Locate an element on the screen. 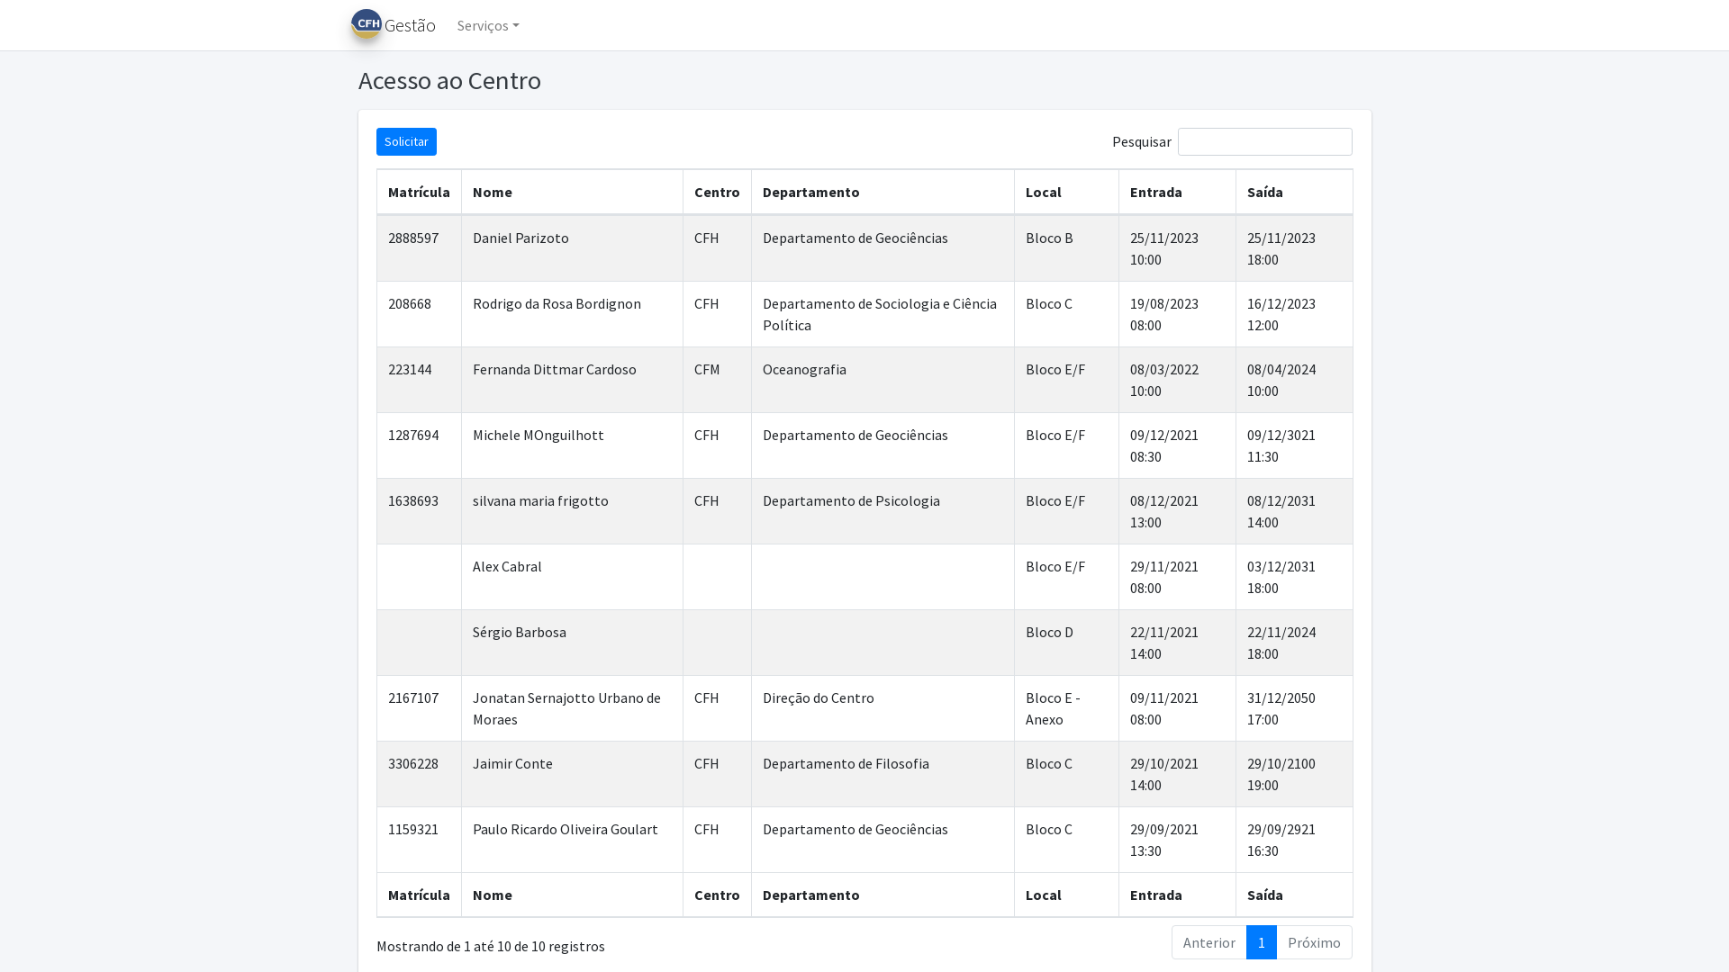 The height and width of the screenshot is (972, 1729). 'Solicitar' is located at coordinates (405, 140).